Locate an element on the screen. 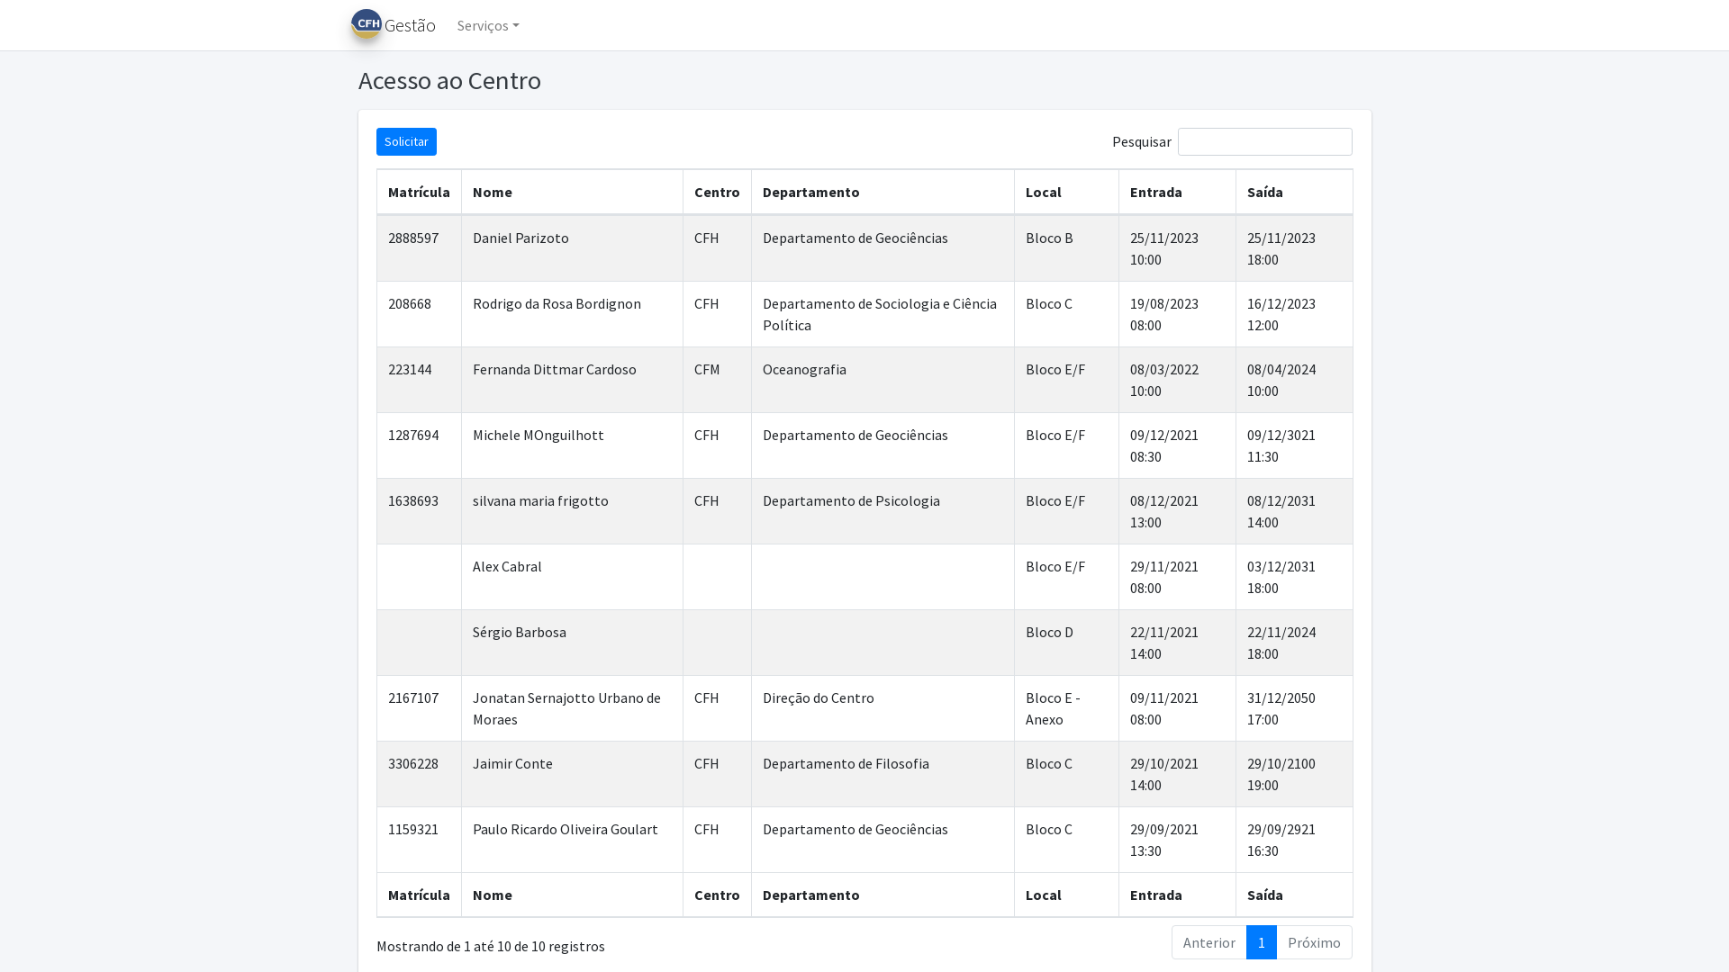 The height and width of the screenshot is (972, 1729). 'Solicitar' is located at coordinates (405, 140).